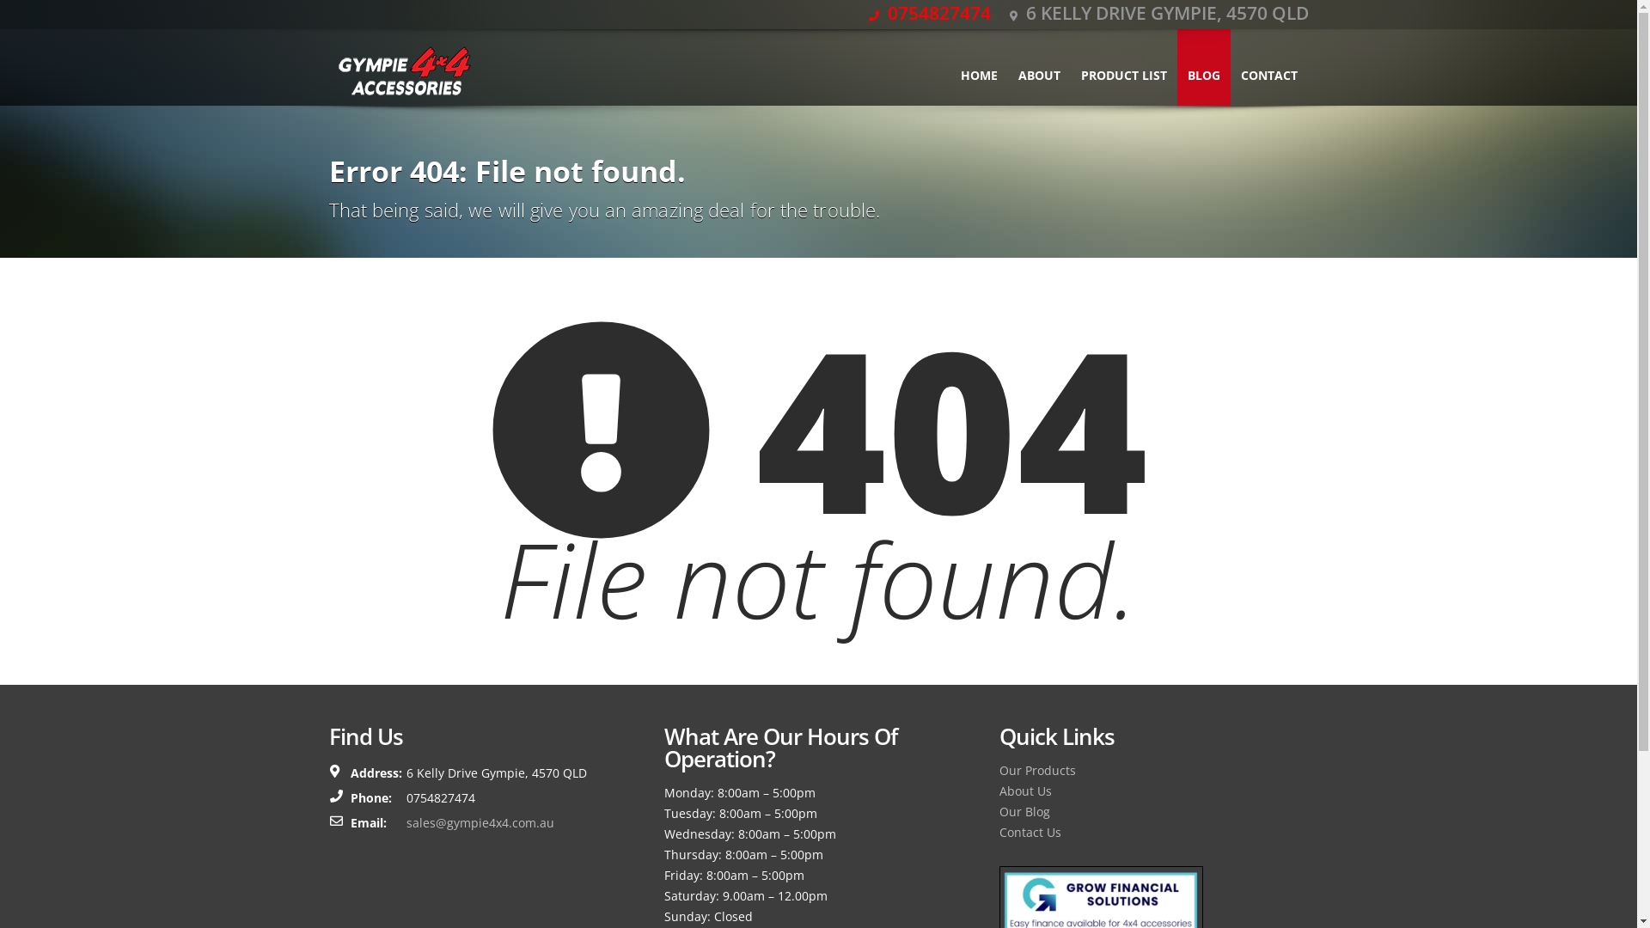 Image resolution: width=1650 pixels, height=928 pixels. I want to click on 'About Us', so click(1024, 791).